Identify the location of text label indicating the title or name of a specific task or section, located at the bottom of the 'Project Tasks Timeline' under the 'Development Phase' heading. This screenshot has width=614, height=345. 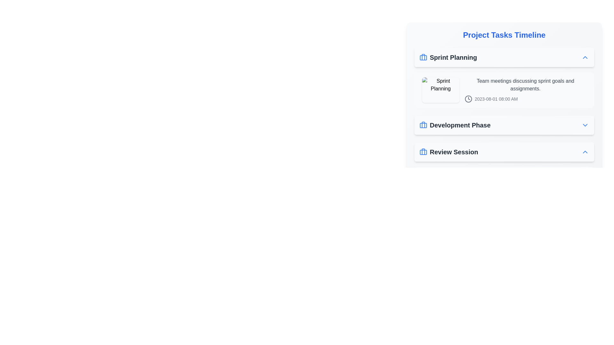
(453, 152).